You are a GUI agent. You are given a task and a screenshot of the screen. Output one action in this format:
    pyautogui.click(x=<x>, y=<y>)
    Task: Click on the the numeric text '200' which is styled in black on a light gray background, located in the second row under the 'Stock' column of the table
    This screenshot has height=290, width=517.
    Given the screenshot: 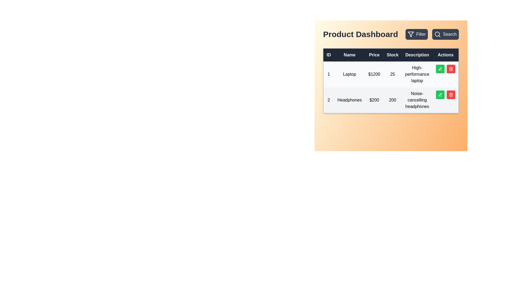 What is the action you would take?
    pyautogui.click(x=393, y=100)
    